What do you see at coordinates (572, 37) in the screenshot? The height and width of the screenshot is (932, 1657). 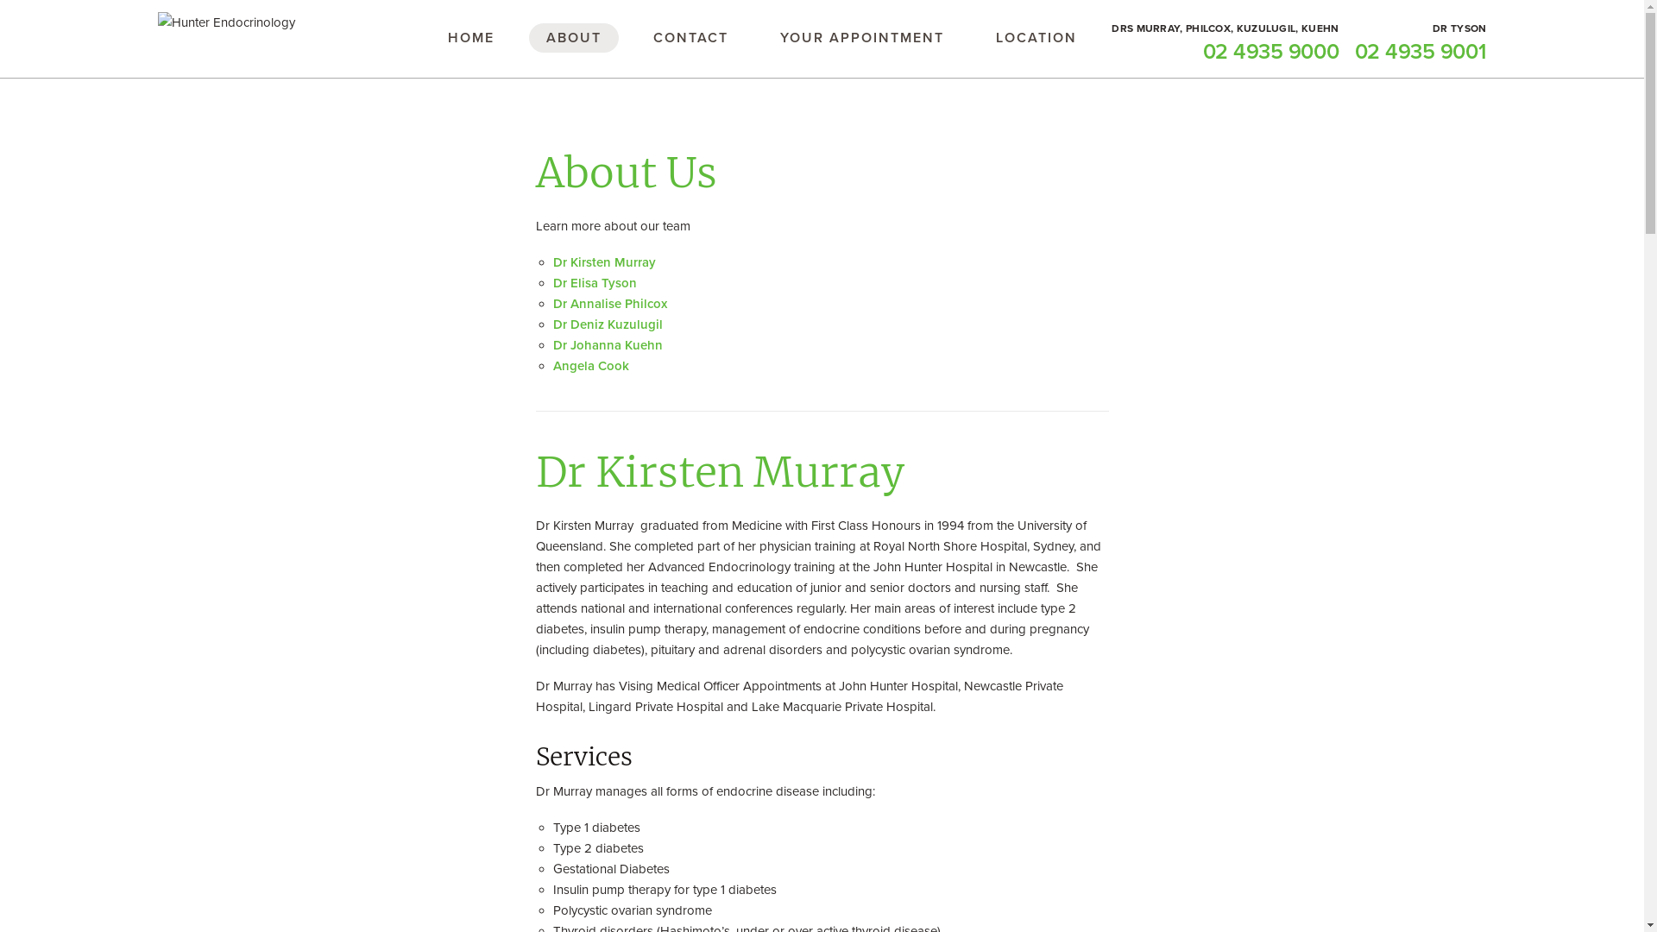 I see `'ABOUT'` at bounding box center [572, 37].